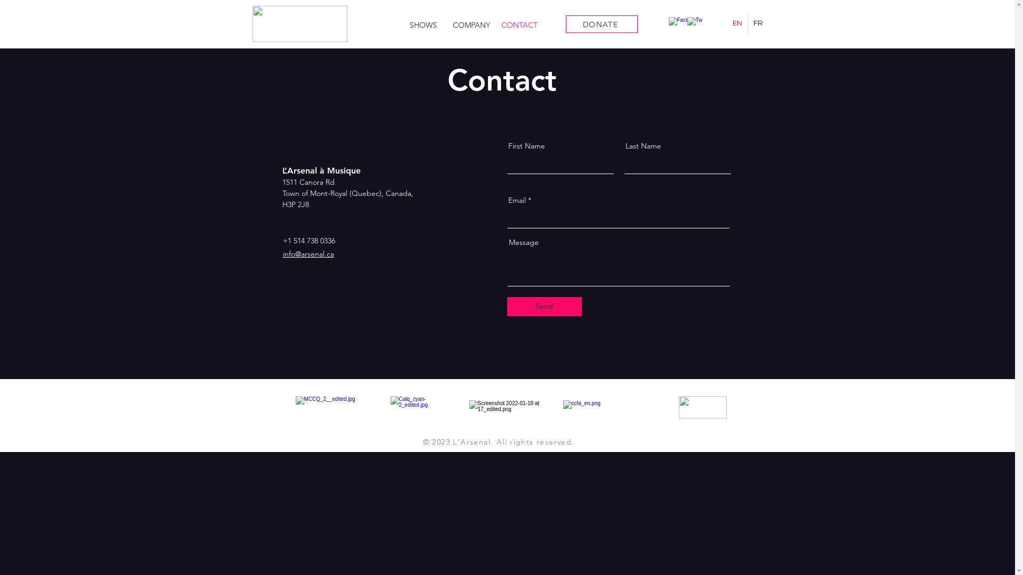 The image size is (1023, 575). Describe the element at coordinates (602, 24) in the screenshot. I see `'DONATE'` at that location.